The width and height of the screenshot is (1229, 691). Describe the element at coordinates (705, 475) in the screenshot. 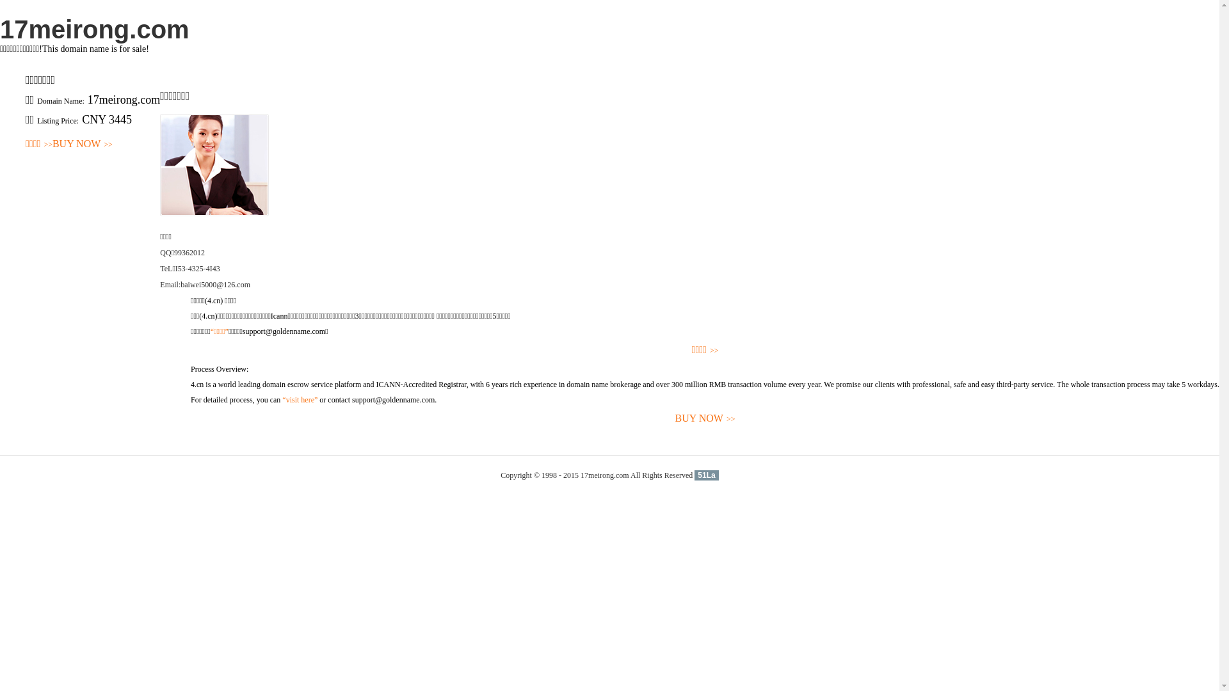

I see `'51La'` at that location.